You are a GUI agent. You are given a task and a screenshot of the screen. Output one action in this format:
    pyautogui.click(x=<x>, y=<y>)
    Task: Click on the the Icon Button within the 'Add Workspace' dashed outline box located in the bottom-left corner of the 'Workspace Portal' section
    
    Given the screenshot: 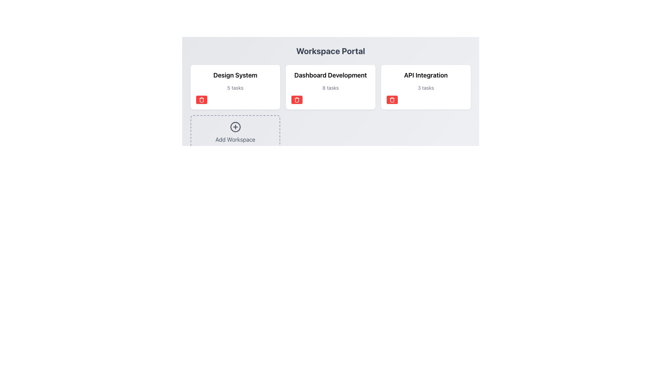 What is the action you would take?
    pyautogui.click(x=235, y=127)
    